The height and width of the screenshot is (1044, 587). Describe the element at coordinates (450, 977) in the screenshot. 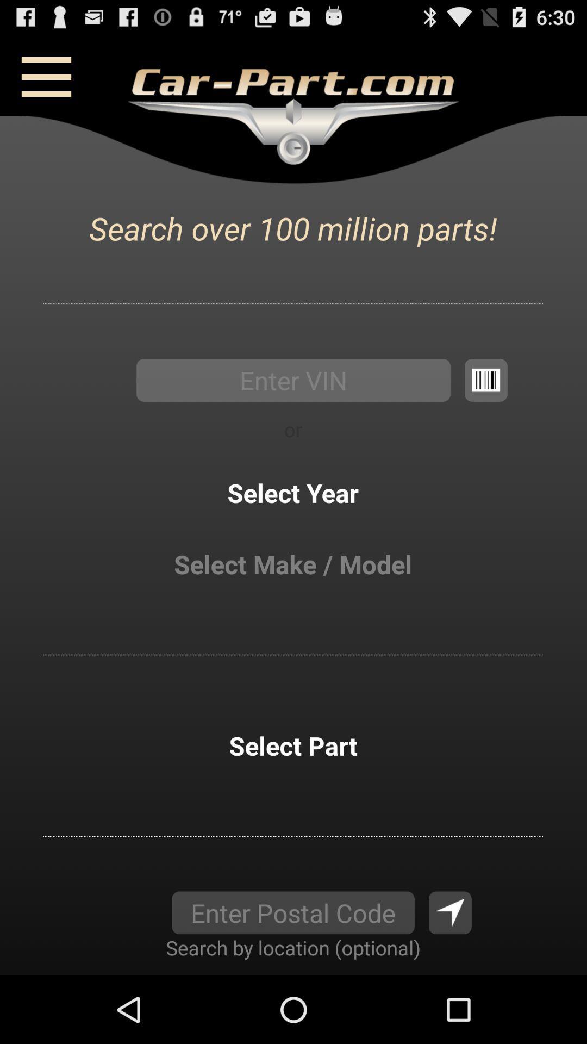

I see `the navigation icon` at that location.